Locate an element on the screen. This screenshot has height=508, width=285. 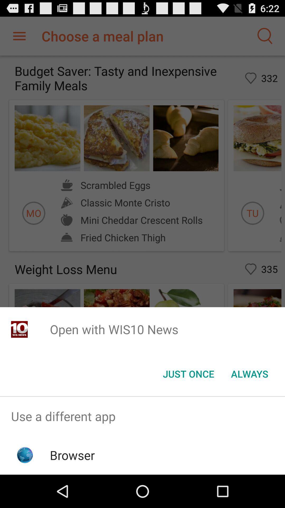
item above browser is located at coordinates (142, 416).